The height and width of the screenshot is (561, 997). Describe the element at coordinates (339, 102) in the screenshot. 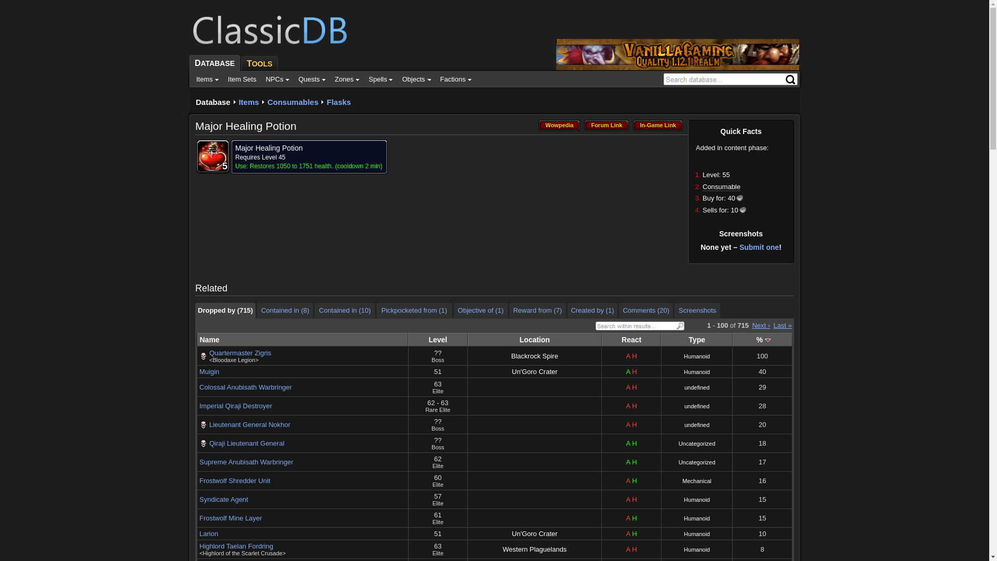

I see `'Flasks'` at that location.